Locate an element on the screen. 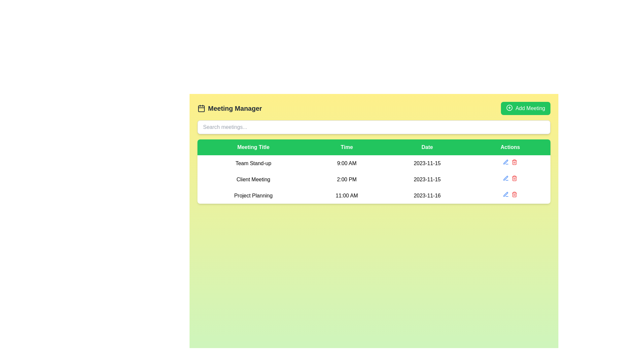 The height and width of the screenshot is (356, 634). the 'Add Meeting' button, which is a rectangular button with a green background and white text, located at the top-right corner of the main content area, aligned with the 'Meeting Manager' header, to observe its visual feedback is located at coordinates (525, 108).